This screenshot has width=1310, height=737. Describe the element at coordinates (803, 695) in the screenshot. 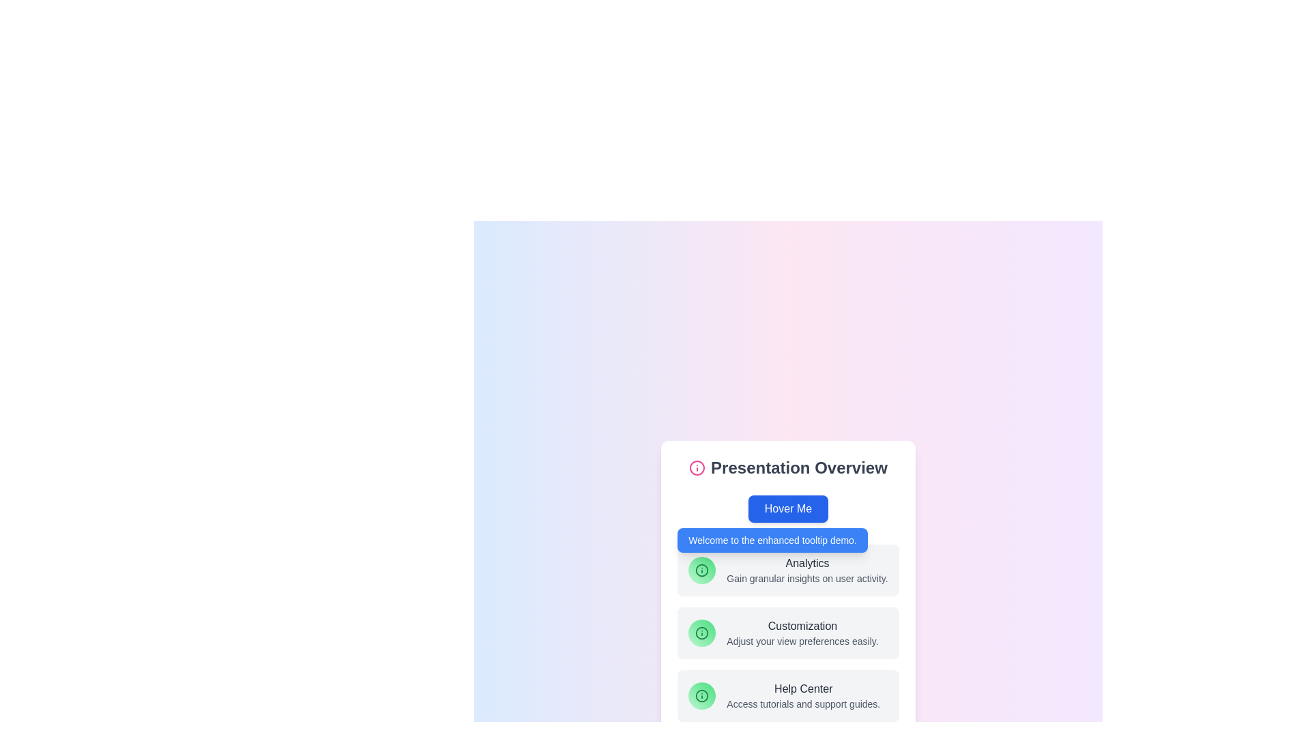

I see `the subtitle 'Access tutorials and support guides' of the Informational card titled 'Help Center' which is center-aligned within a light gray rectangular card` at that location.